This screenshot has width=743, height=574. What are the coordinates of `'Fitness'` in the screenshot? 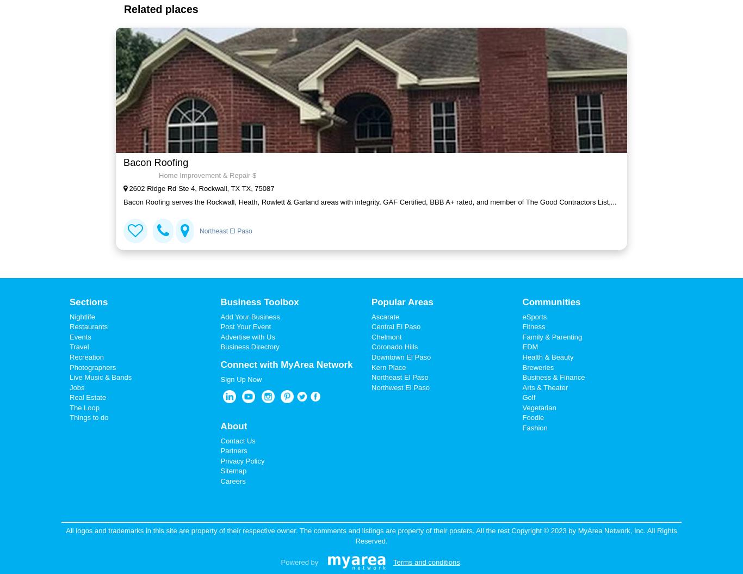 It's located at (522, 326).